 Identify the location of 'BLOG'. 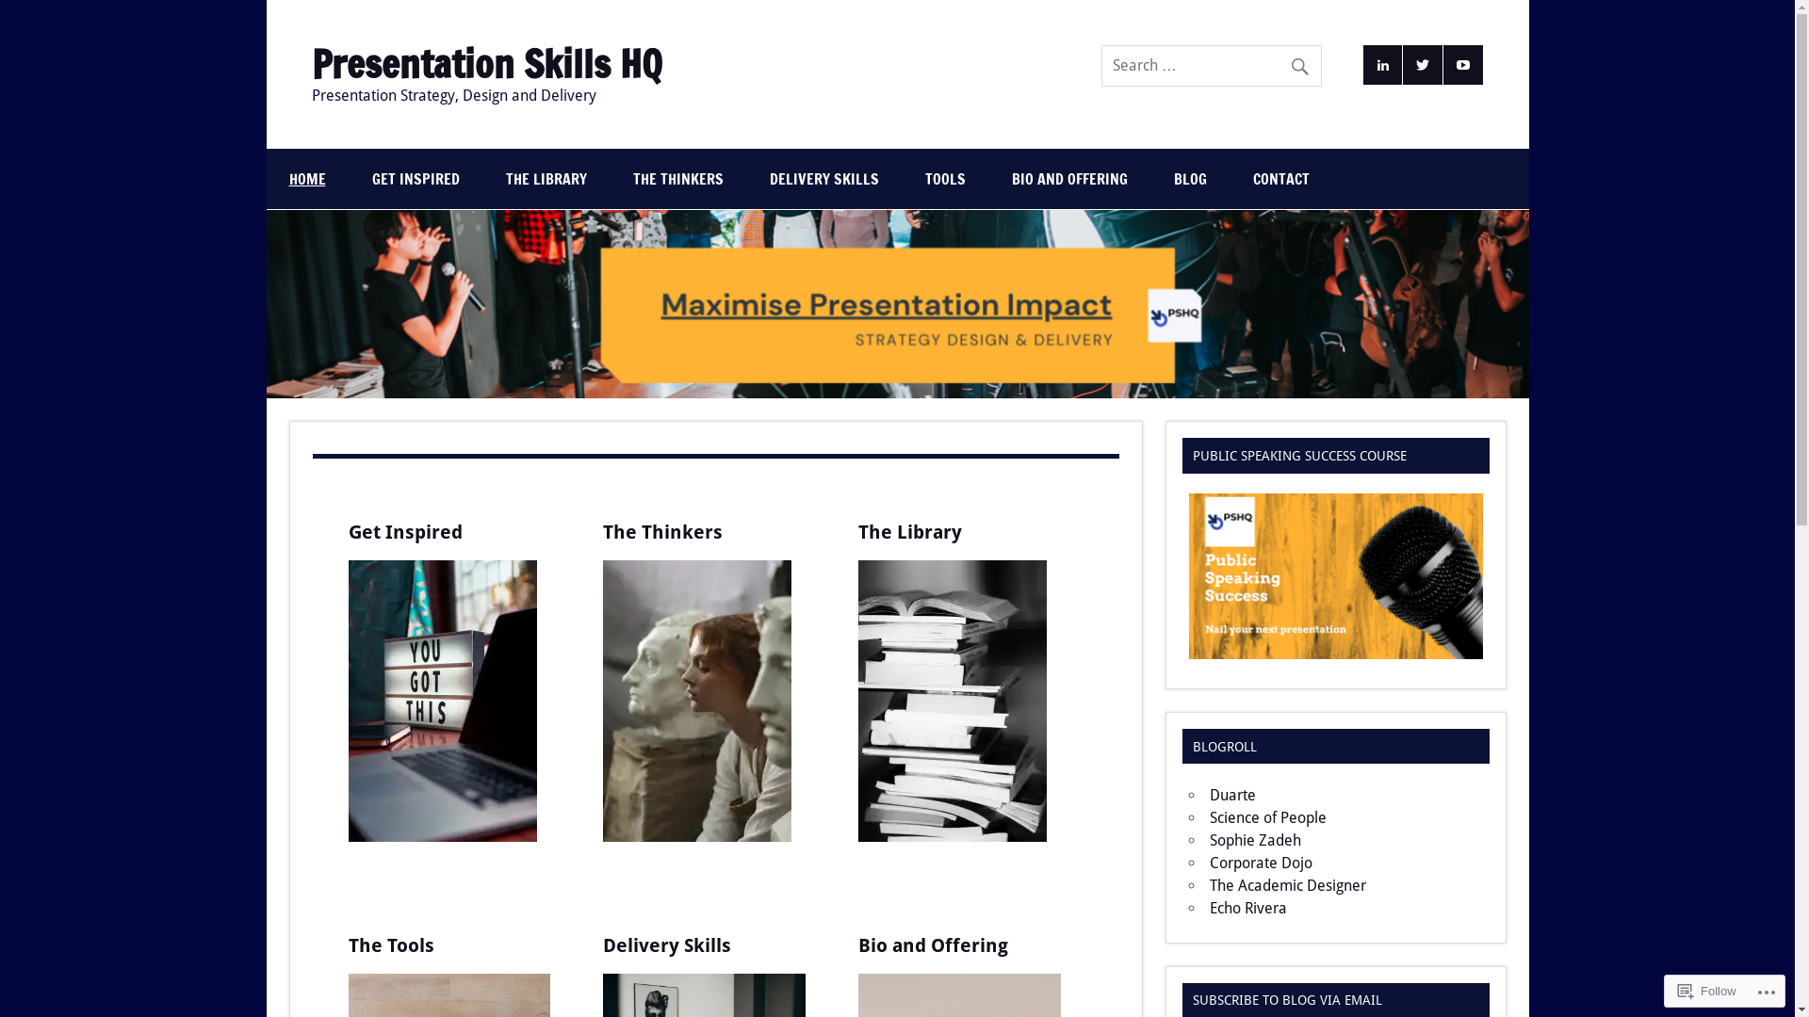
(1189, 178).